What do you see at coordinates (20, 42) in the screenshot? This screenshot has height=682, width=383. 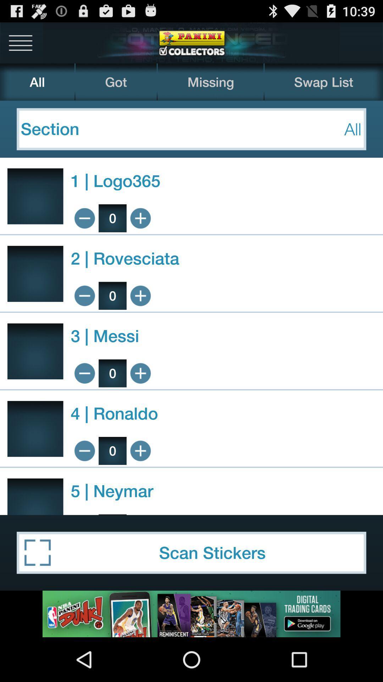 I see `show the menu` at bounding box center [20, 42].